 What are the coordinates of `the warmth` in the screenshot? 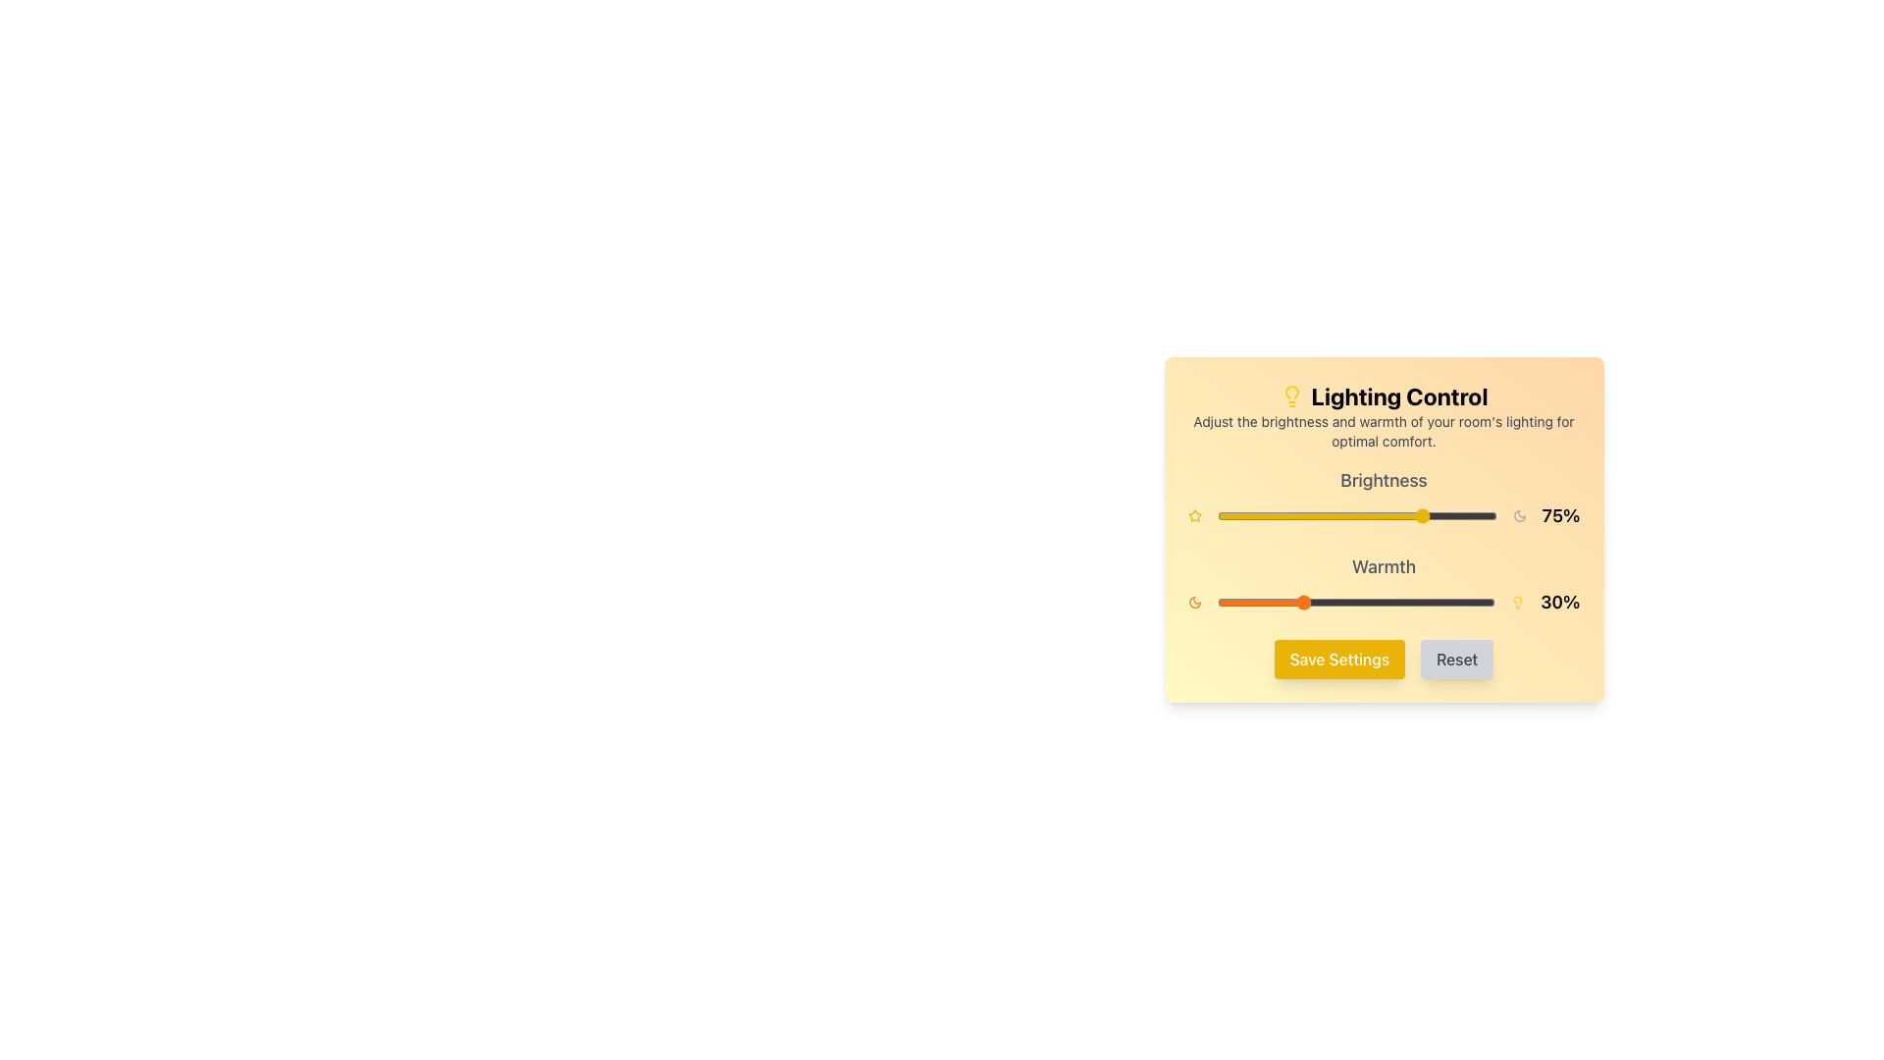 It's located at (1273, 601).